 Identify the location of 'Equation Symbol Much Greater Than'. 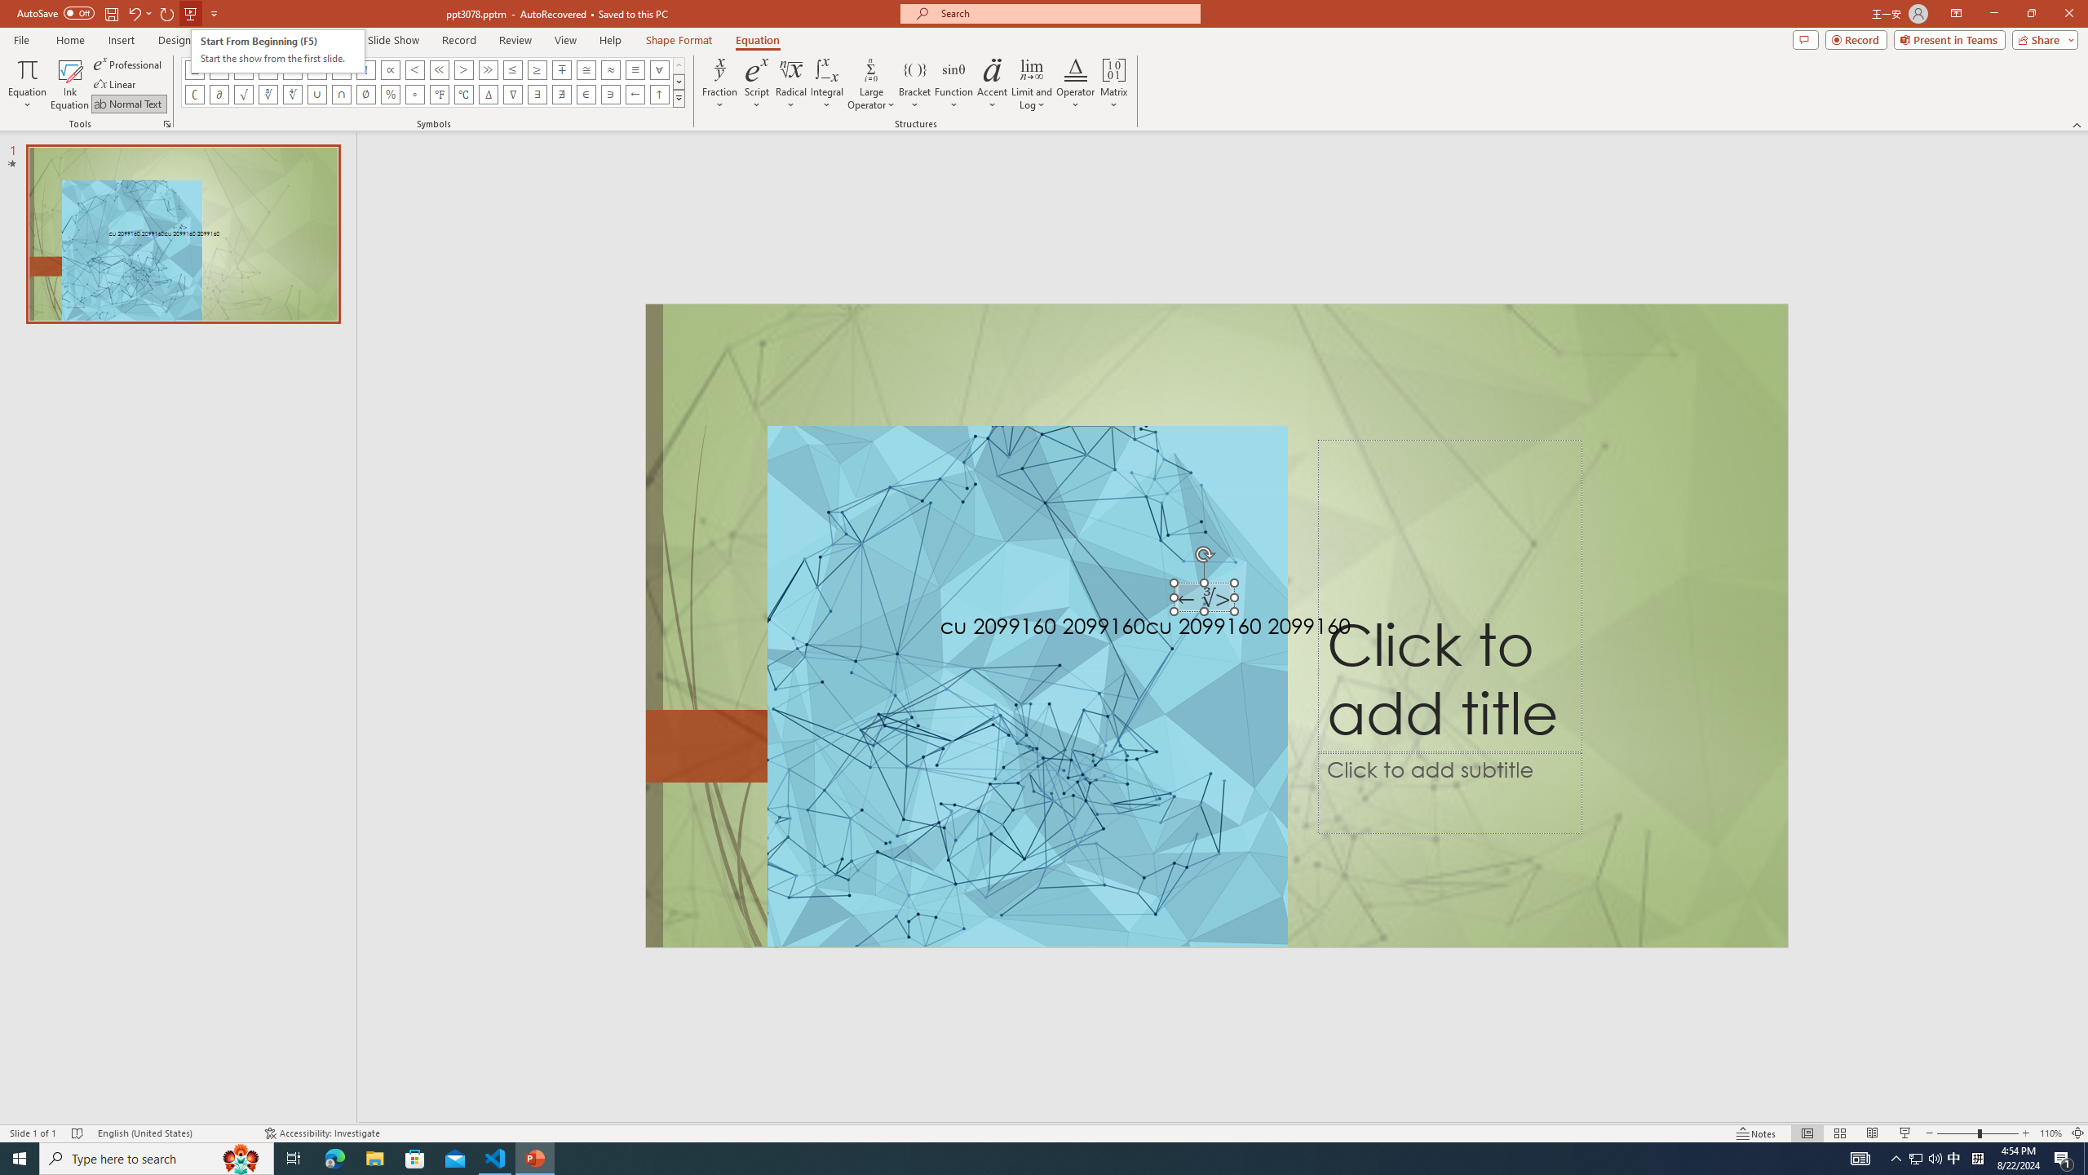
(489, 69).